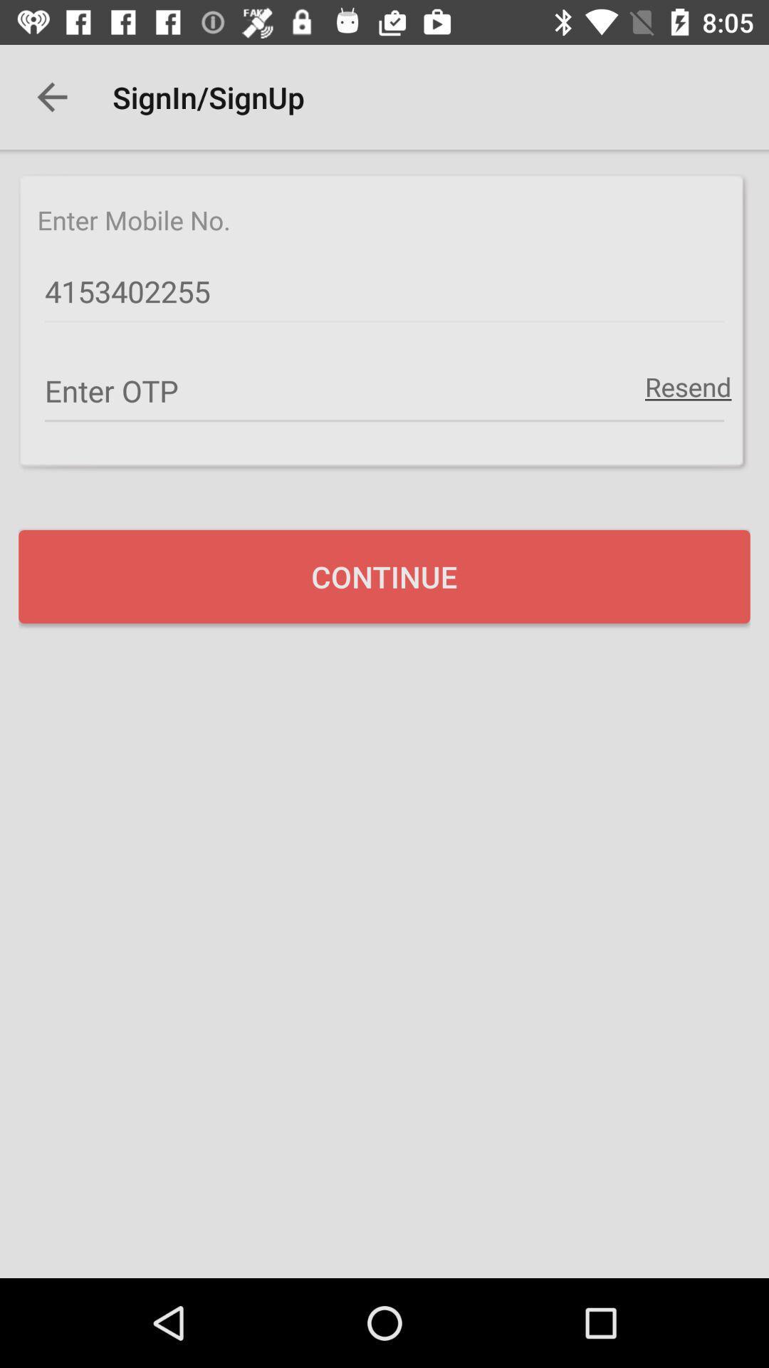  What do you see at coordinates (384, 576) in the screenshot?
I see `the continue` at bounding box center [384, 576].